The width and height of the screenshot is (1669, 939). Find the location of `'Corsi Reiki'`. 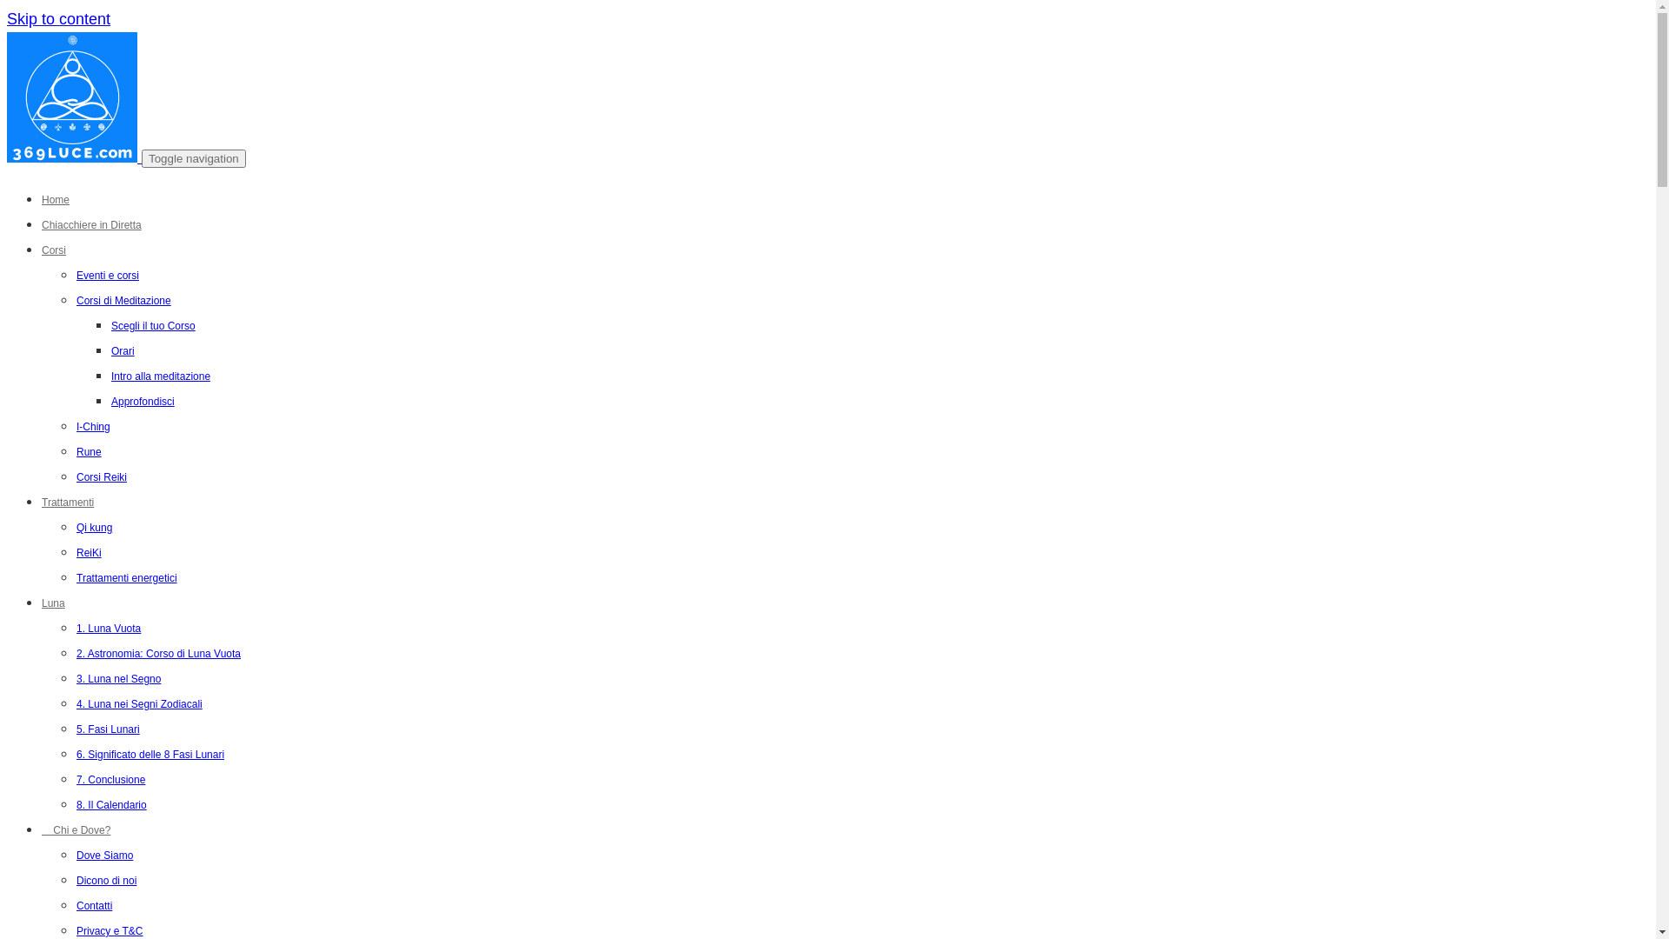

'Corsi Reiki' is located at coordinates (100, 476).